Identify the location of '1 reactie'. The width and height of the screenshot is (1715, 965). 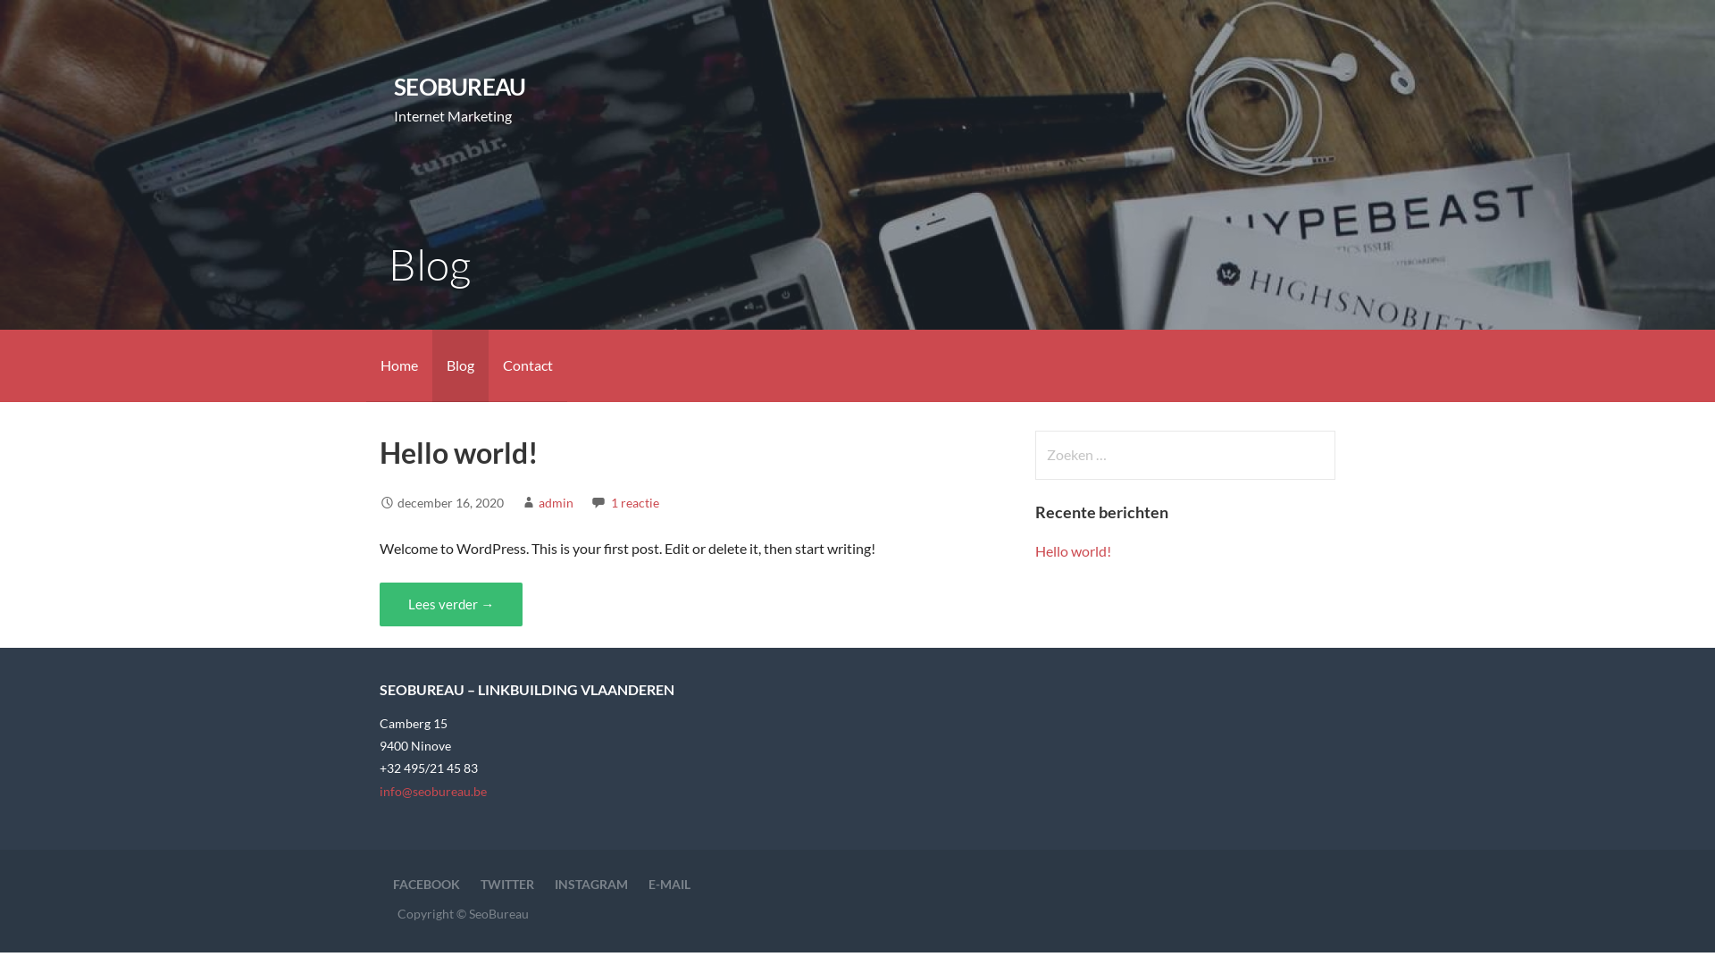
(611, 502).